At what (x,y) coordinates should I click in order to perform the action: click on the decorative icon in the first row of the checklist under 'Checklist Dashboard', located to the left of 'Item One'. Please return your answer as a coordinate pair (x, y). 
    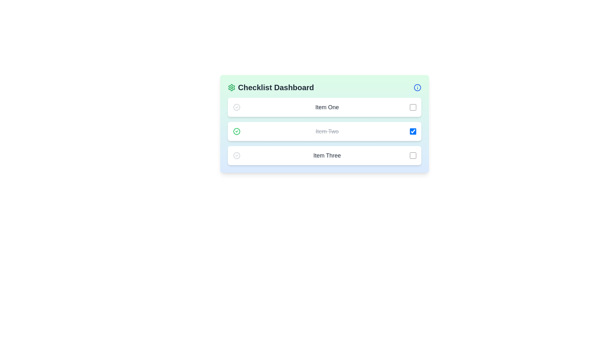
    Looking at the image, I should click on (236, 107).